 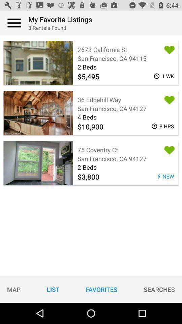 I want to click on icon to the right of the list icon, so click(x=101, y=289).